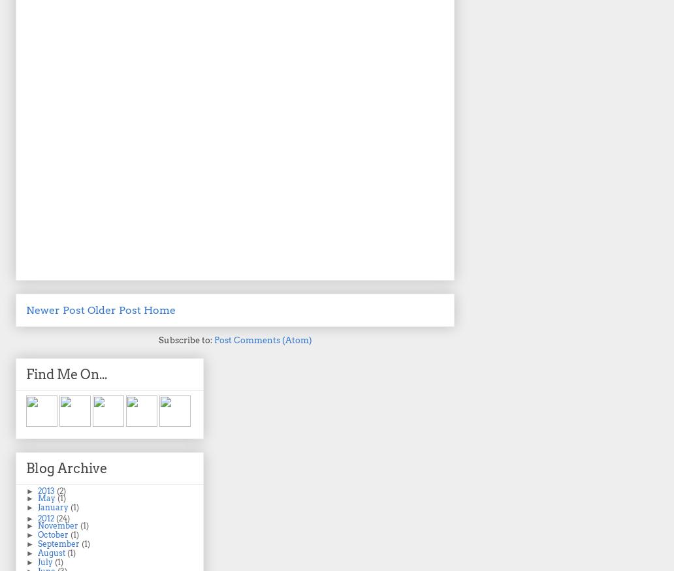 The width and height of the screenshot is (674, 571). What do you see at coordinates (46, 517) in the screenshot?
I see `'2012'` at bounding box center [46, 517].